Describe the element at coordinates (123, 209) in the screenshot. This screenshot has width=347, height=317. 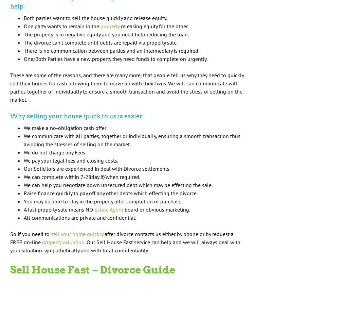
I see `'board or obvious marketing.'` at that location.